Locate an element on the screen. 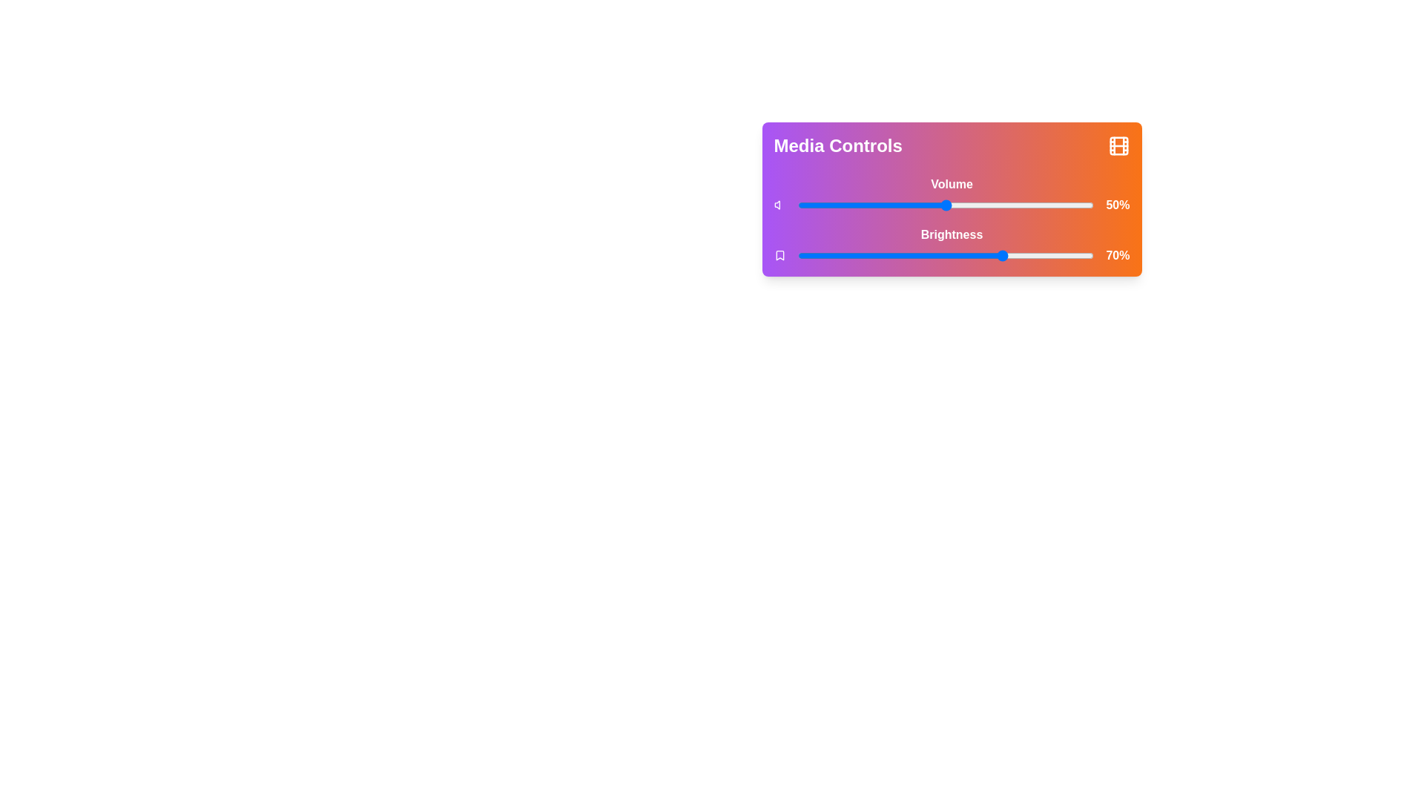  the brightness slider to 68% is located at coordinates (999, 254).